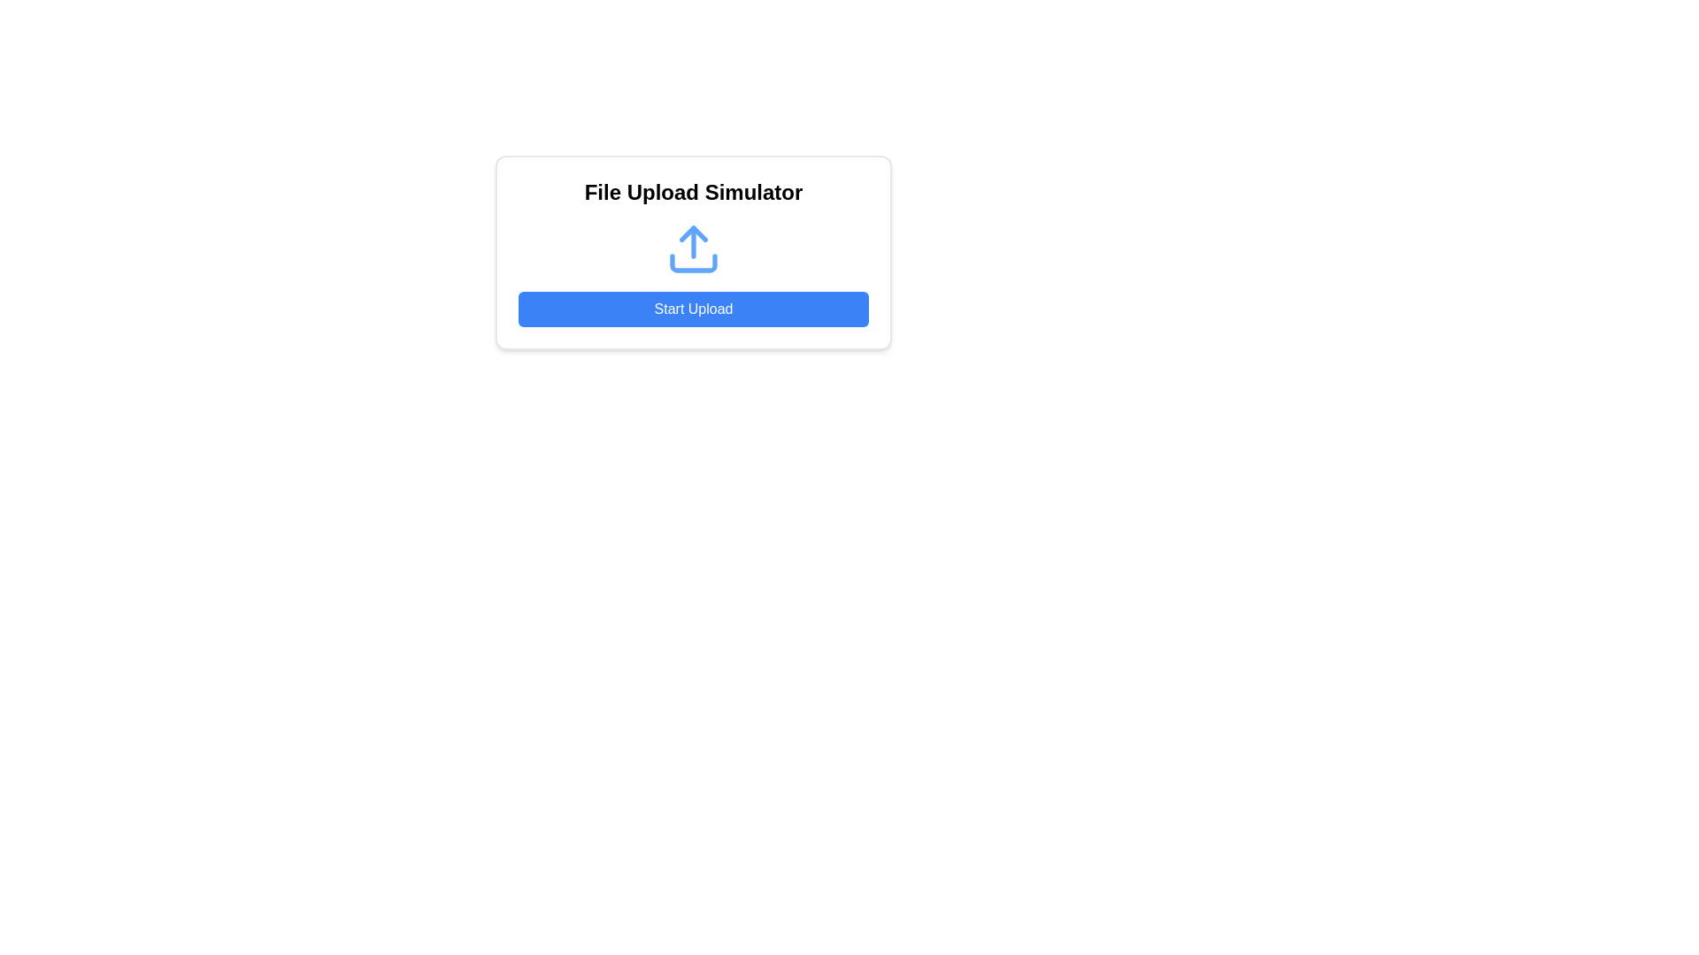  What do you see at coordinates (692, 248) in the screenshot?
I see `the upload icon located centrally within the card component, positioned below the title 'File Upload Simulator' and above the 'Start Upload' button` at bounding box center [692, 248].